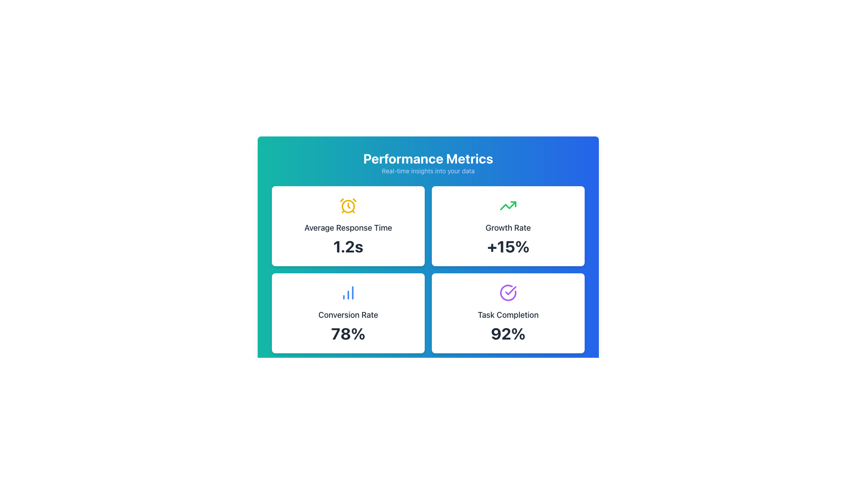  I want to click on the text label displaying '+15%' in bold black font, located within the 'Growth Rate' card in the metrics dashboard, so click(508, 247).